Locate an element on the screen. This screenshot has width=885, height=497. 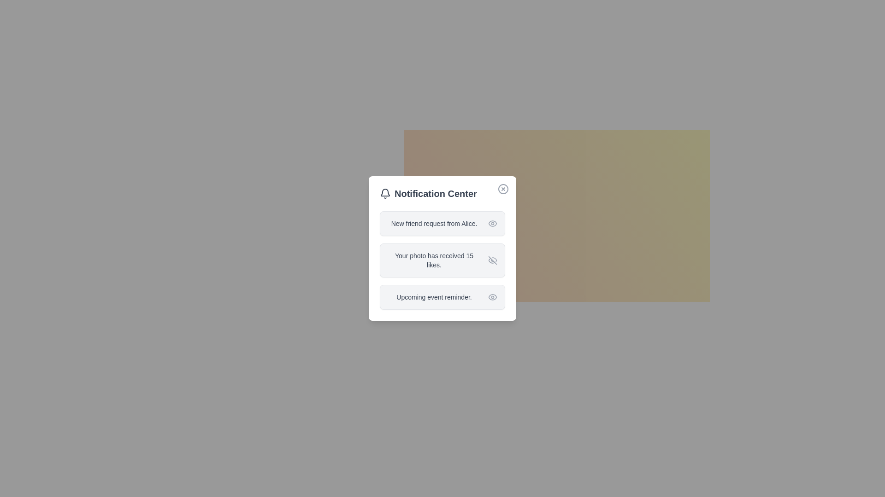
the notification message element that informs the user about an upcoming event, located in the third entry of the Notification Center panel is located at coordinates (433, 297).